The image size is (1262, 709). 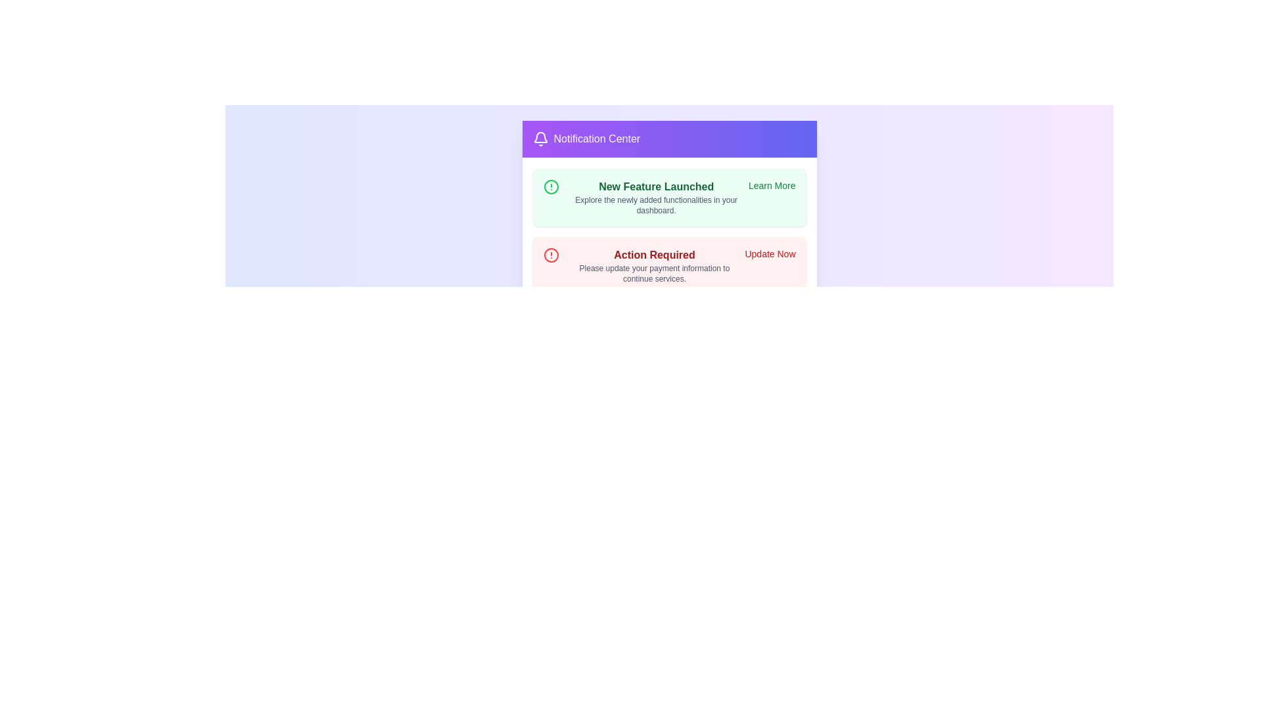 I want to click on the bell-shaped notification icon located to the left of the 'Notification Center' text within the purple header section, so click(x=540, y=139).